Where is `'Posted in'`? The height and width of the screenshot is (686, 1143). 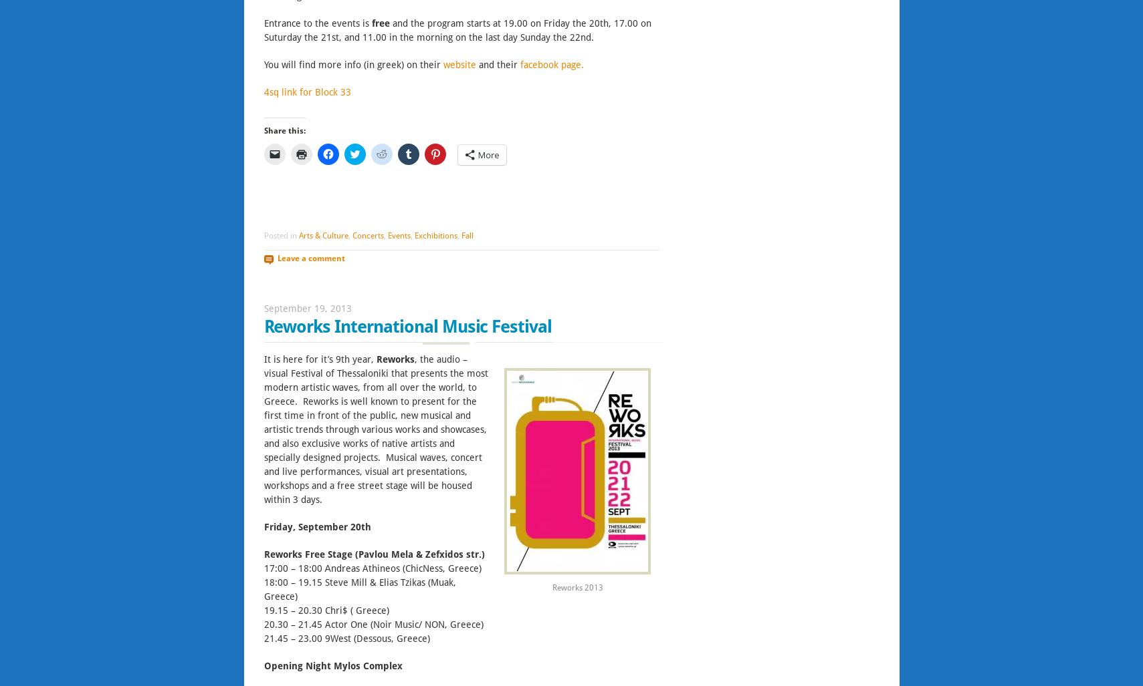
'Posted in' is located at coordinates (280, 235).